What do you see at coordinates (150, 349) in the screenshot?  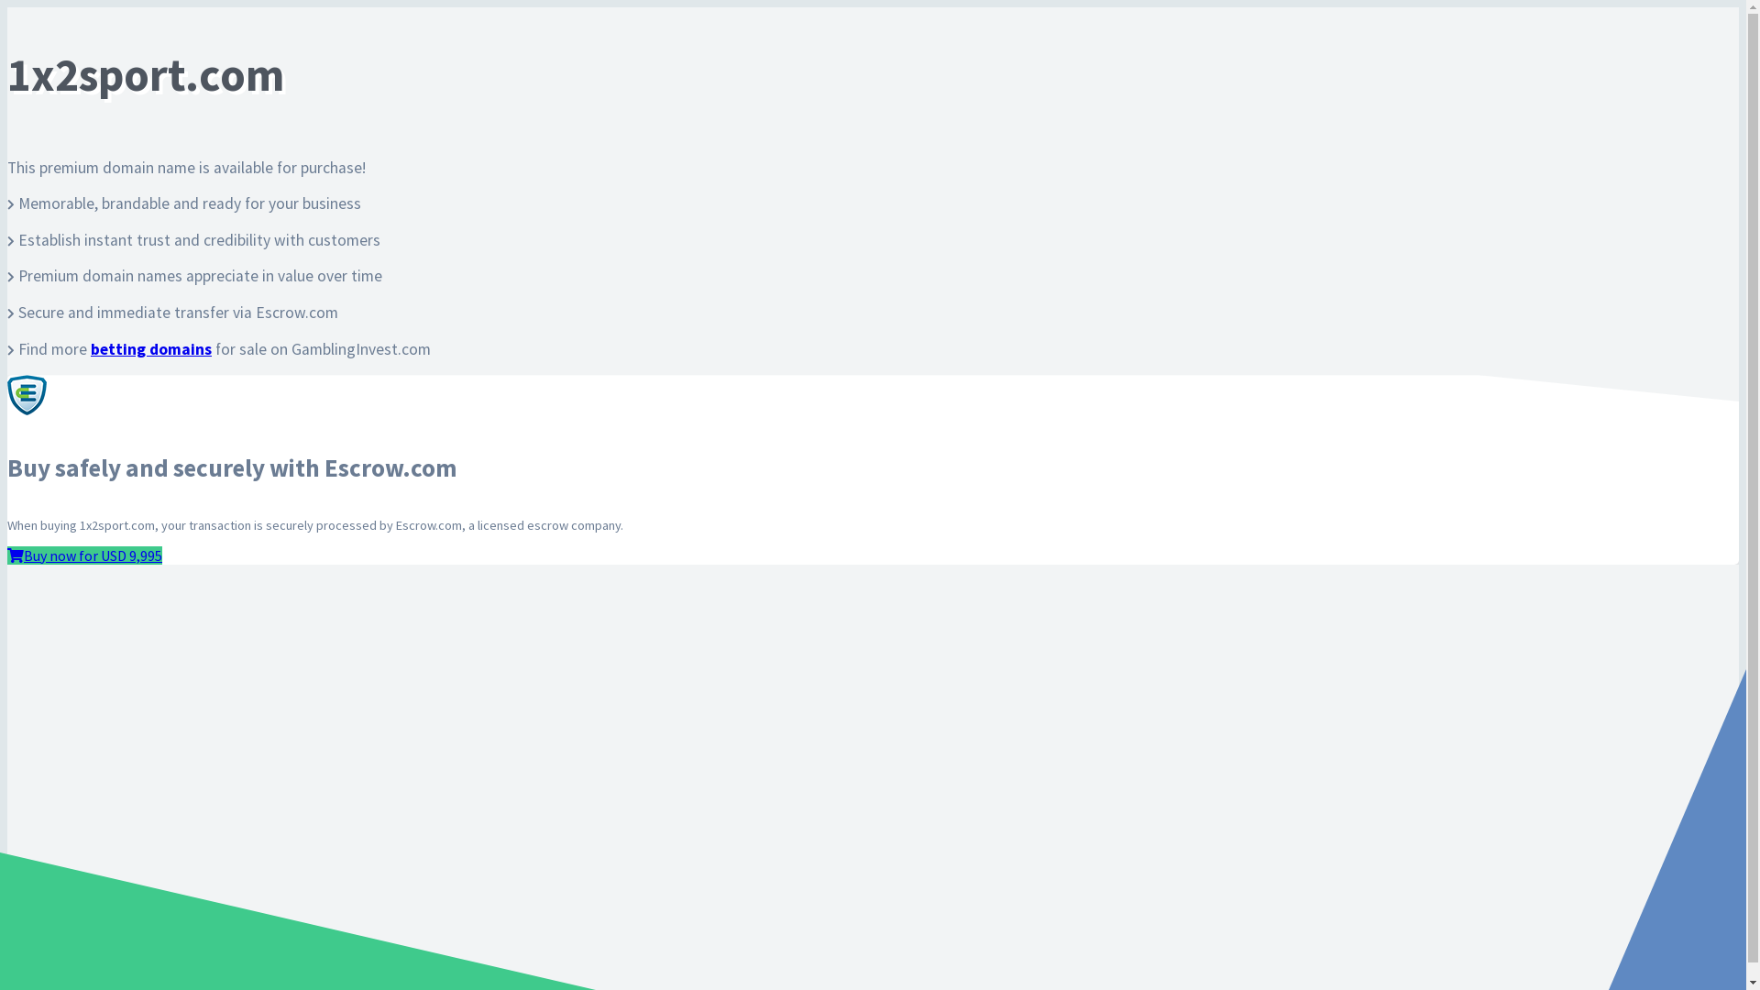 I see `'betting domains'` at bounding box center [150, 349].